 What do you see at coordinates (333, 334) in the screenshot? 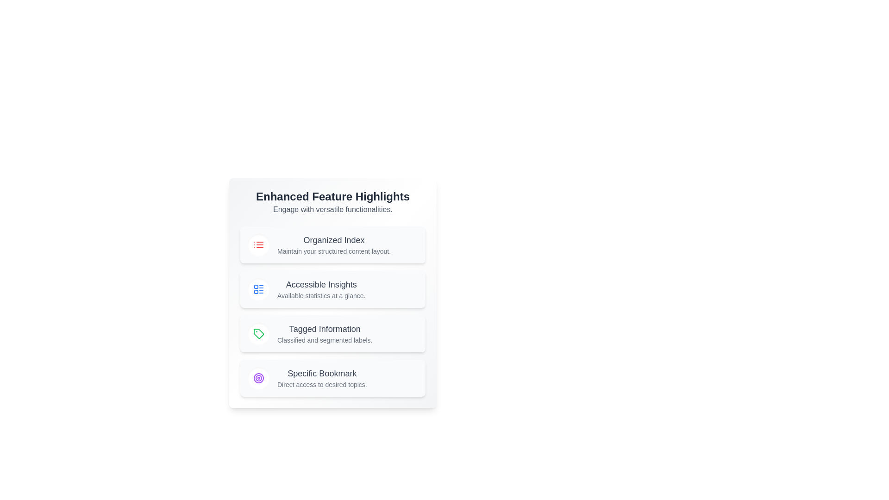
I see `the feature item titled 'Tagged Information'` at bounding box center [333, 334].